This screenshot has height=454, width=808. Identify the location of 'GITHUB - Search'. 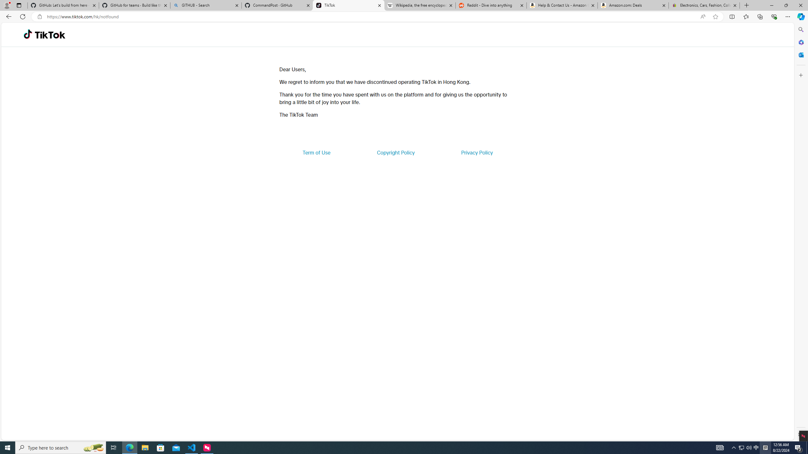
(205, 5).